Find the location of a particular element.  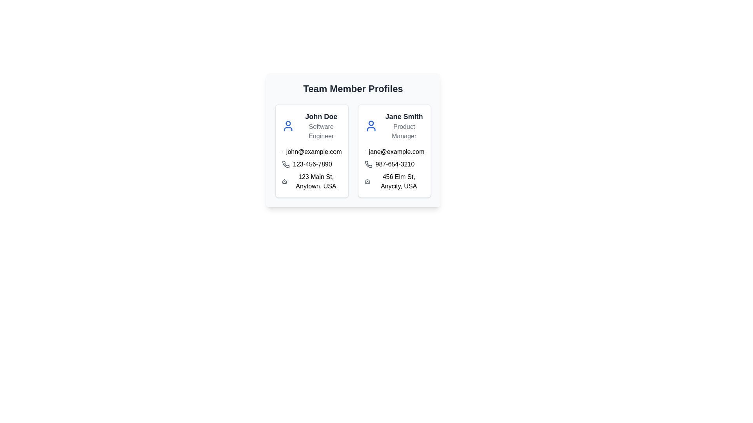

the phone number '123-456-7890' element with the accompanying phone handset icon, which is centrally aligned under the header 'John Doe' in the left card of a two-column layout is located at coordinates (311, 164).